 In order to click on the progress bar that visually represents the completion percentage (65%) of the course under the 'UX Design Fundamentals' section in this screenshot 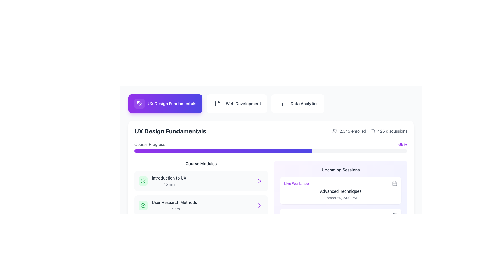, I will do `click(271, 147)`.